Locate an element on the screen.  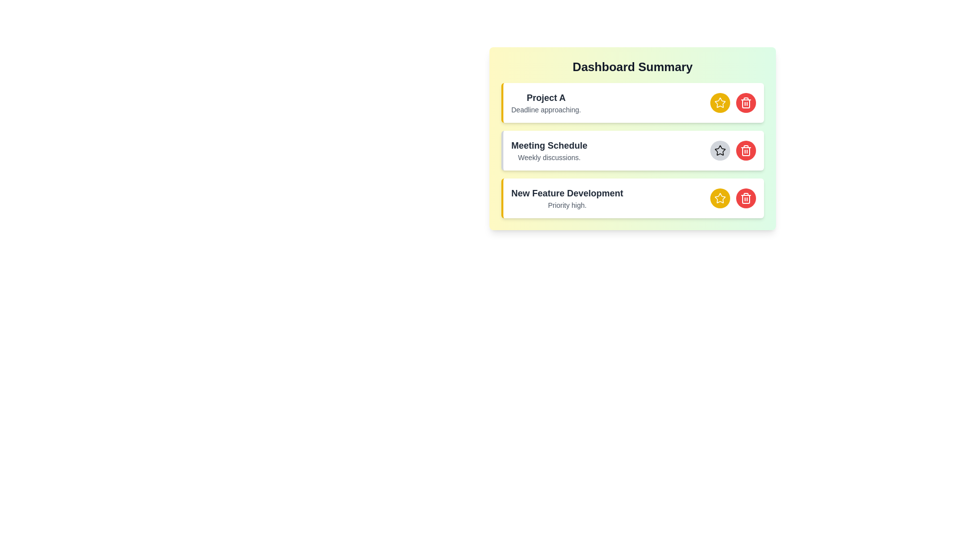
delete button for the item with title New Feature Development is located at coordinates (746, 198).